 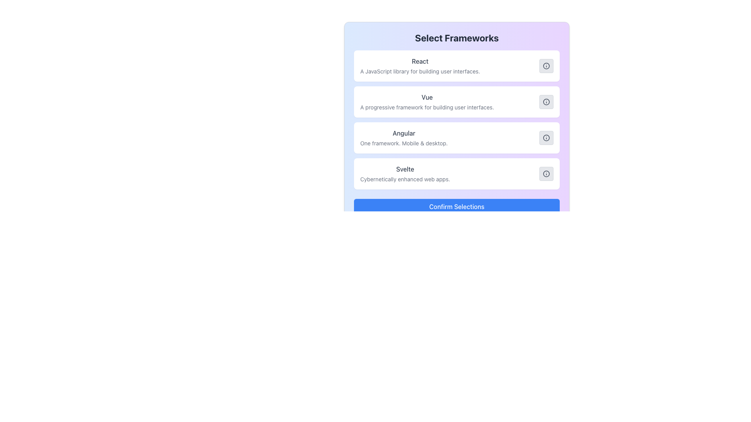 I want to click on the gray circular information icon with an 'i' symbol located next to the 'Vue' selection option, so click(x=546, y=102).